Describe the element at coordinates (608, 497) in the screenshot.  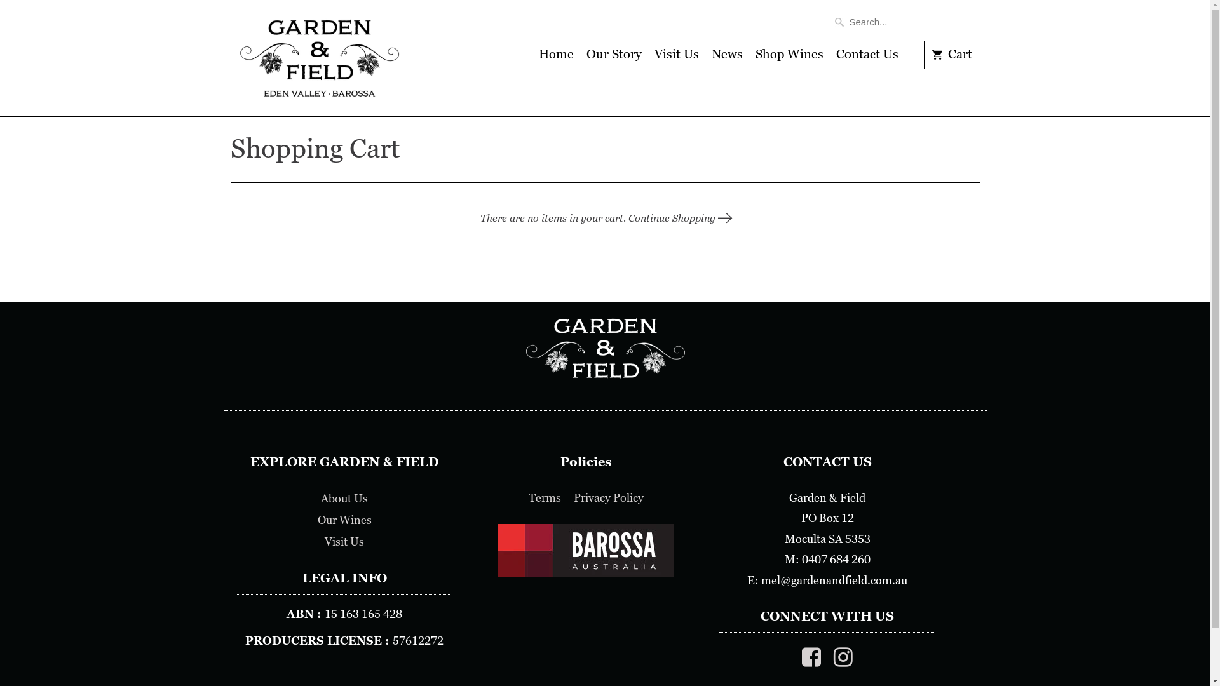
I see `'Privacy Policy'` at that location.